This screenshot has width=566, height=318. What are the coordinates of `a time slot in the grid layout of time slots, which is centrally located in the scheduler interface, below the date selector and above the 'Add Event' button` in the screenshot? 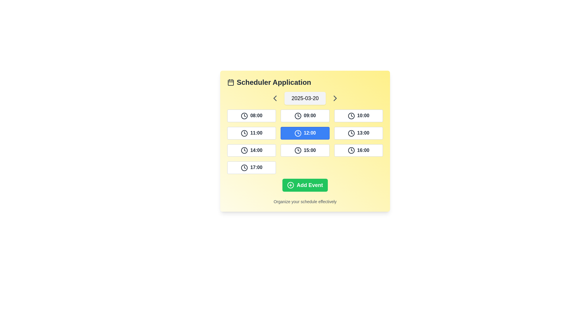 It's located at (305, 142).